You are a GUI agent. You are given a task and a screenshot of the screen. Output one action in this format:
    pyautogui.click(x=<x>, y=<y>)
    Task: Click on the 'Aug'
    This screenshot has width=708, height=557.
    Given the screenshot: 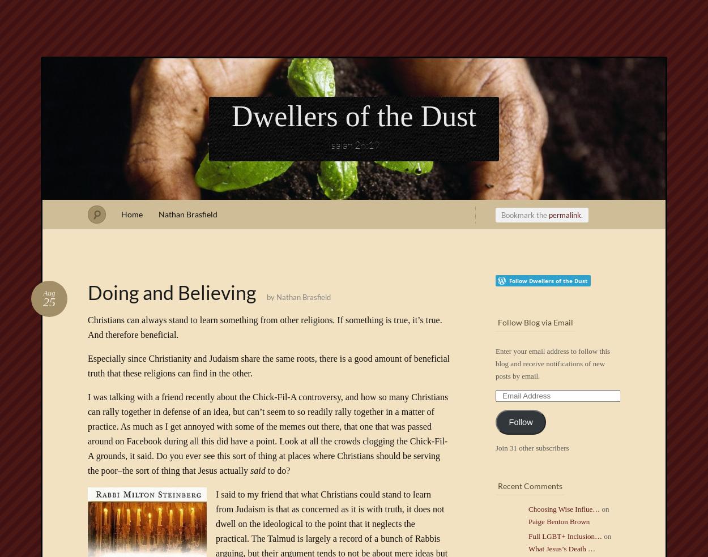 What is the action you would take?
    pyautogui.click(x=48, y=292)
    